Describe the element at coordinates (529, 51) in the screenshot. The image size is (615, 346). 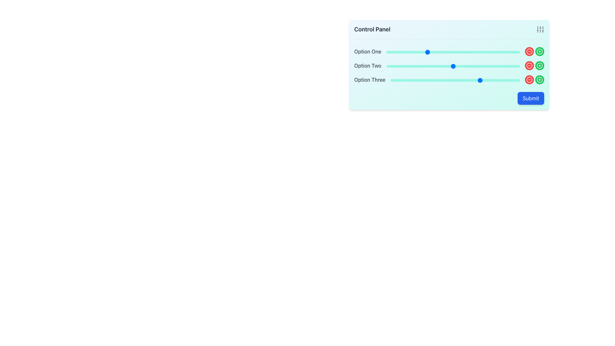
I see `the circular minus button with a red background and white border located in the top-right corner of the 'Option One' row` at that location.